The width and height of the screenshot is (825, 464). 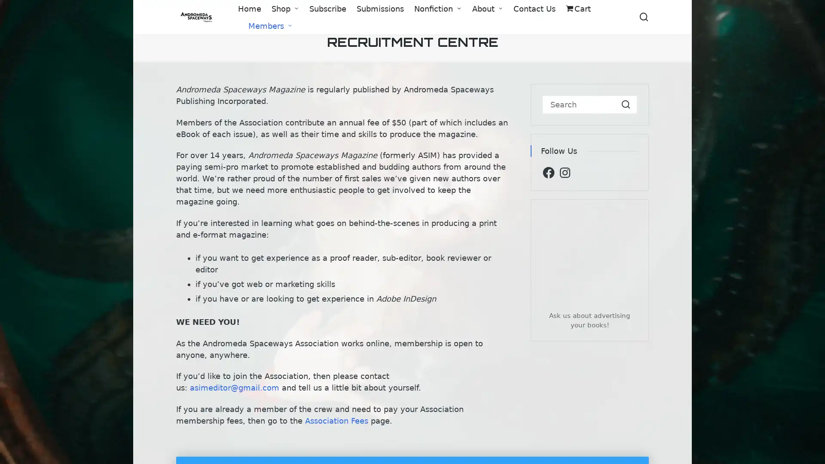 I want to click on Search, so click(x=626, y=104).